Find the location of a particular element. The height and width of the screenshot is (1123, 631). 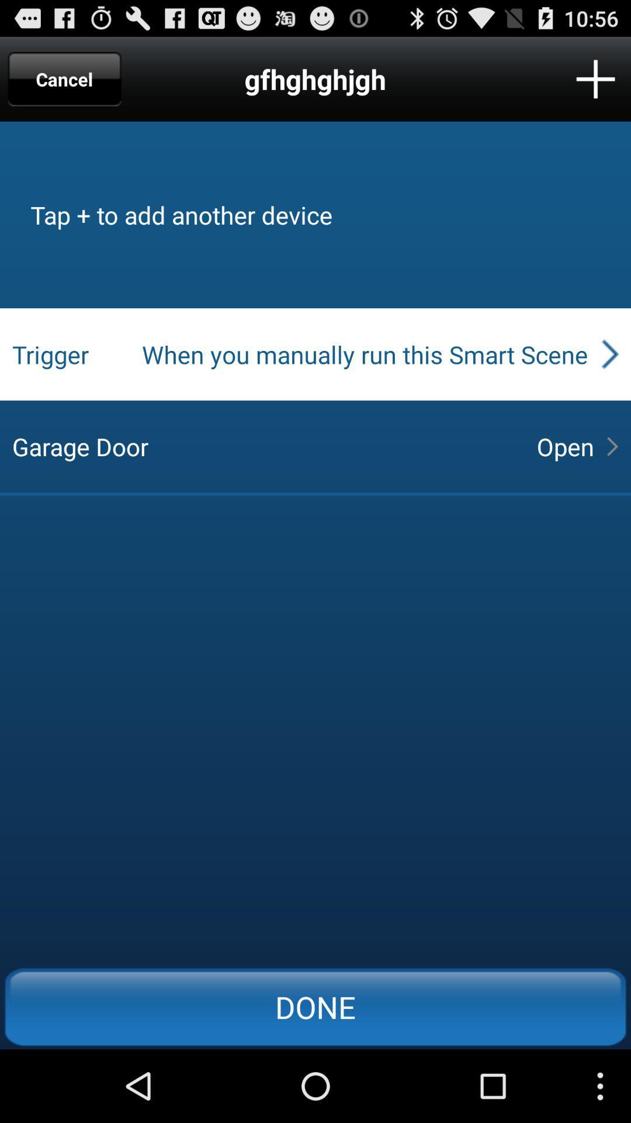

item to the left of the gfhghghjgh app is located at coordinates (64, 78).